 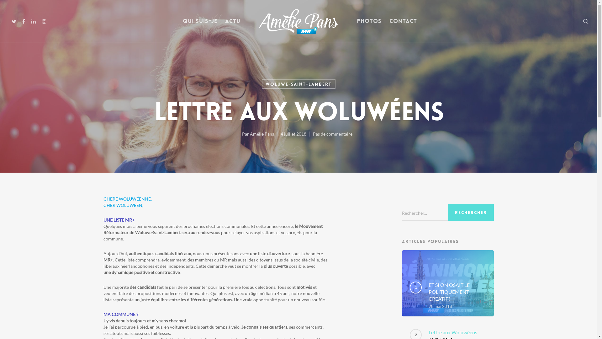 I want to click on 'Pas de commentaire', so click(x=332, y=133).